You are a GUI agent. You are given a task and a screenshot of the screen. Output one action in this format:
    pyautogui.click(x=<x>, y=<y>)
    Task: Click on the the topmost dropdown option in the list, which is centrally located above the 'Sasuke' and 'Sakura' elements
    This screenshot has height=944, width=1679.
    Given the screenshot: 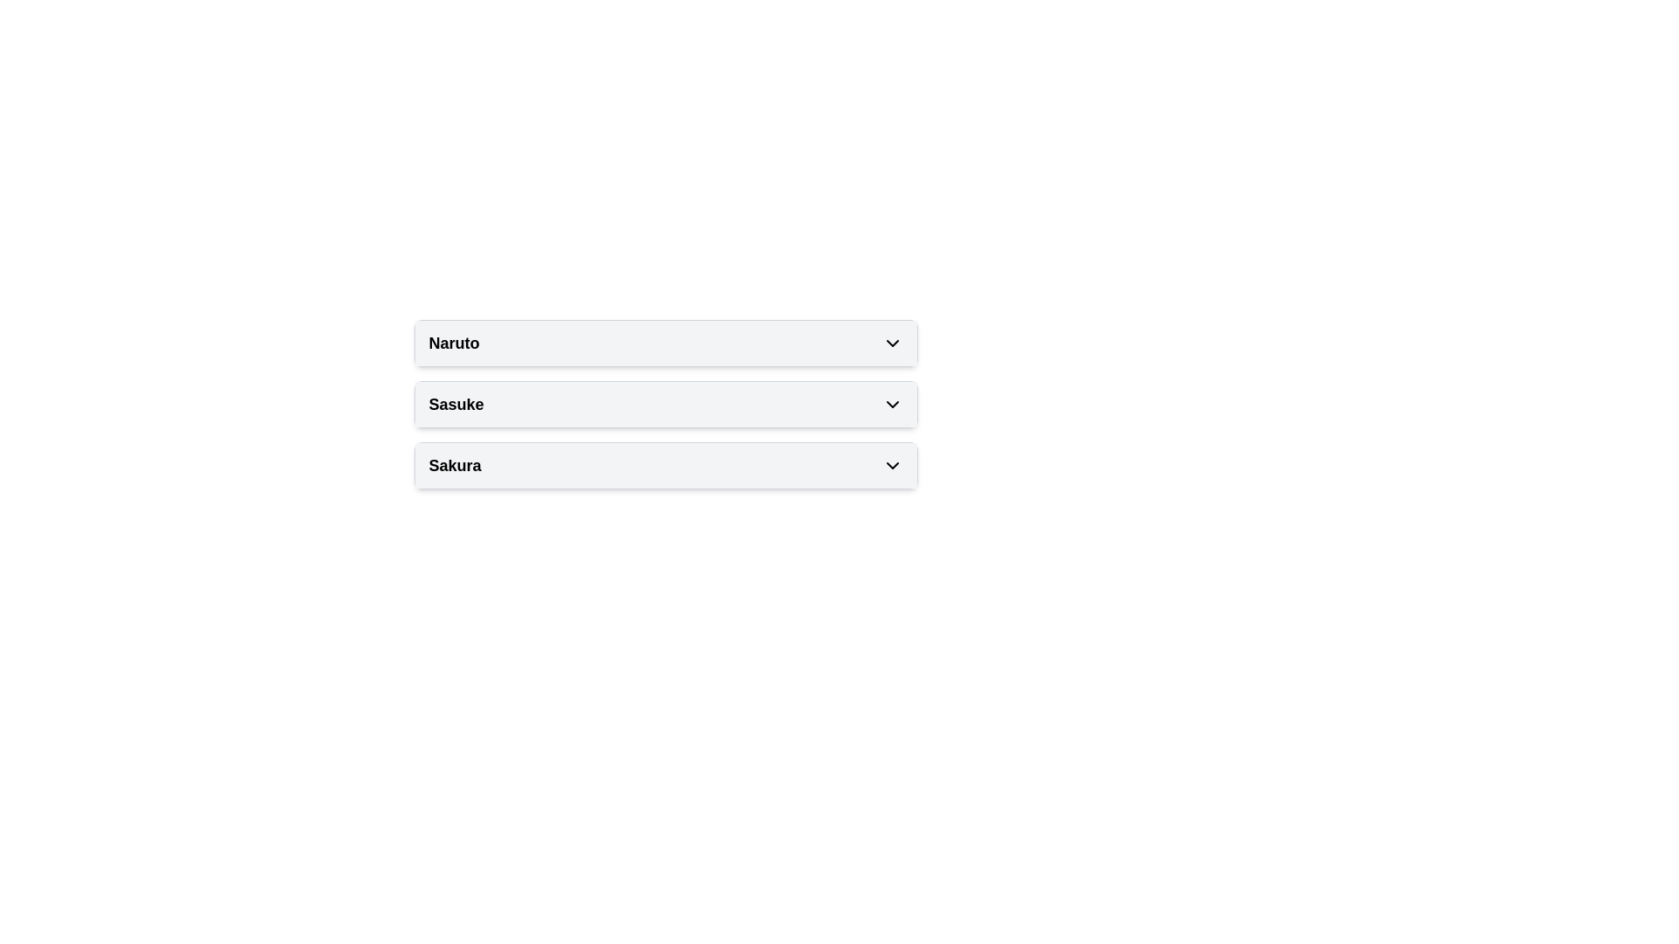 What is the action you would take?
    pyautogui.click(x=665, y=344)
    